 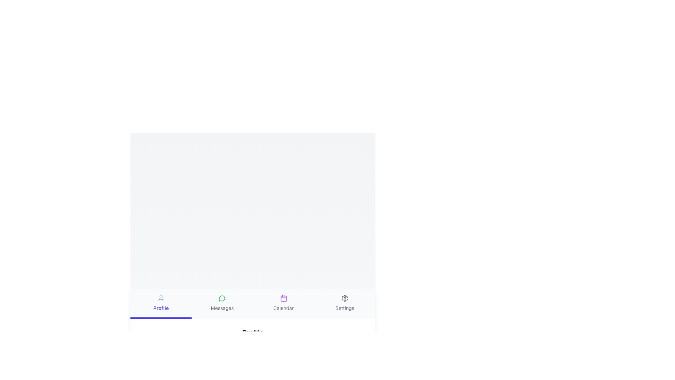 I want to click on the 'Messages' text label, which is part of the bottom navigation bar and displayed in light gray font, so click(x=222, y=308).